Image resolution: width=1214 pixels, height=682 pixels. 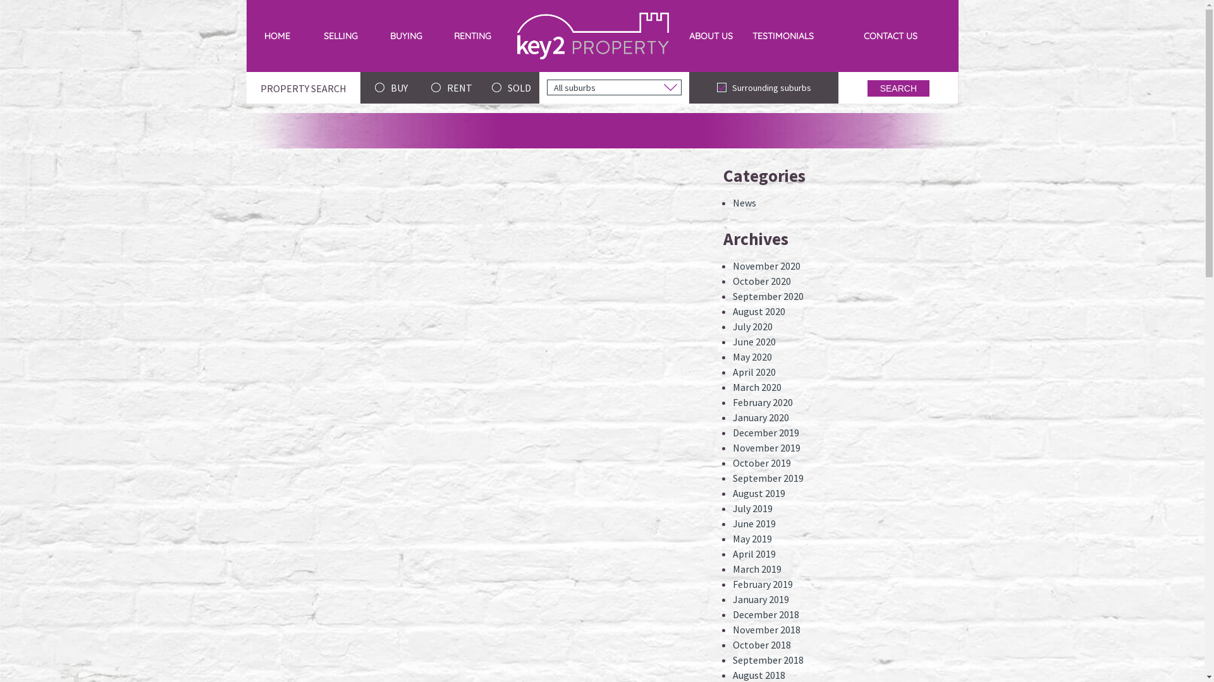 I want to click on 'June 2019', so click(x=754, y=523).